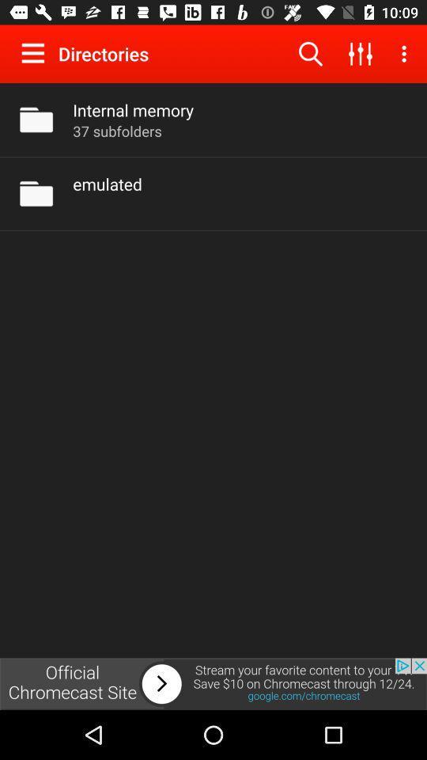 This screenshot has width=427, height=760. Describe the element at coordinates (36, 53) in the screenshot. I see `click for menu` at that location.